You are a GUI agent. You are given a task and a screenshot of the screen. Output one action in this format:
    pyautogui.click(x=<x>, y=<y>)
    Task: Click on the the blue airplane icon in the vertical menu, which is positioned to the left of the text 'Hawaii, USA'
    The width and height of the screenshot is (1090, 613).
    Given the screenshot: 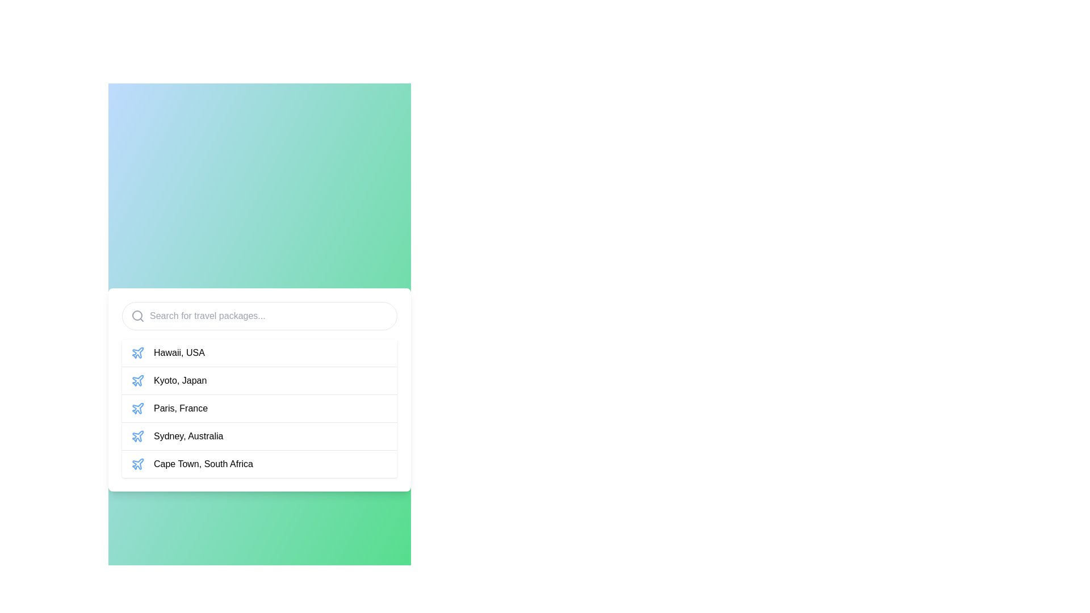 What is the action you would take?
    pyautogui.click(x=137, y=352)
    